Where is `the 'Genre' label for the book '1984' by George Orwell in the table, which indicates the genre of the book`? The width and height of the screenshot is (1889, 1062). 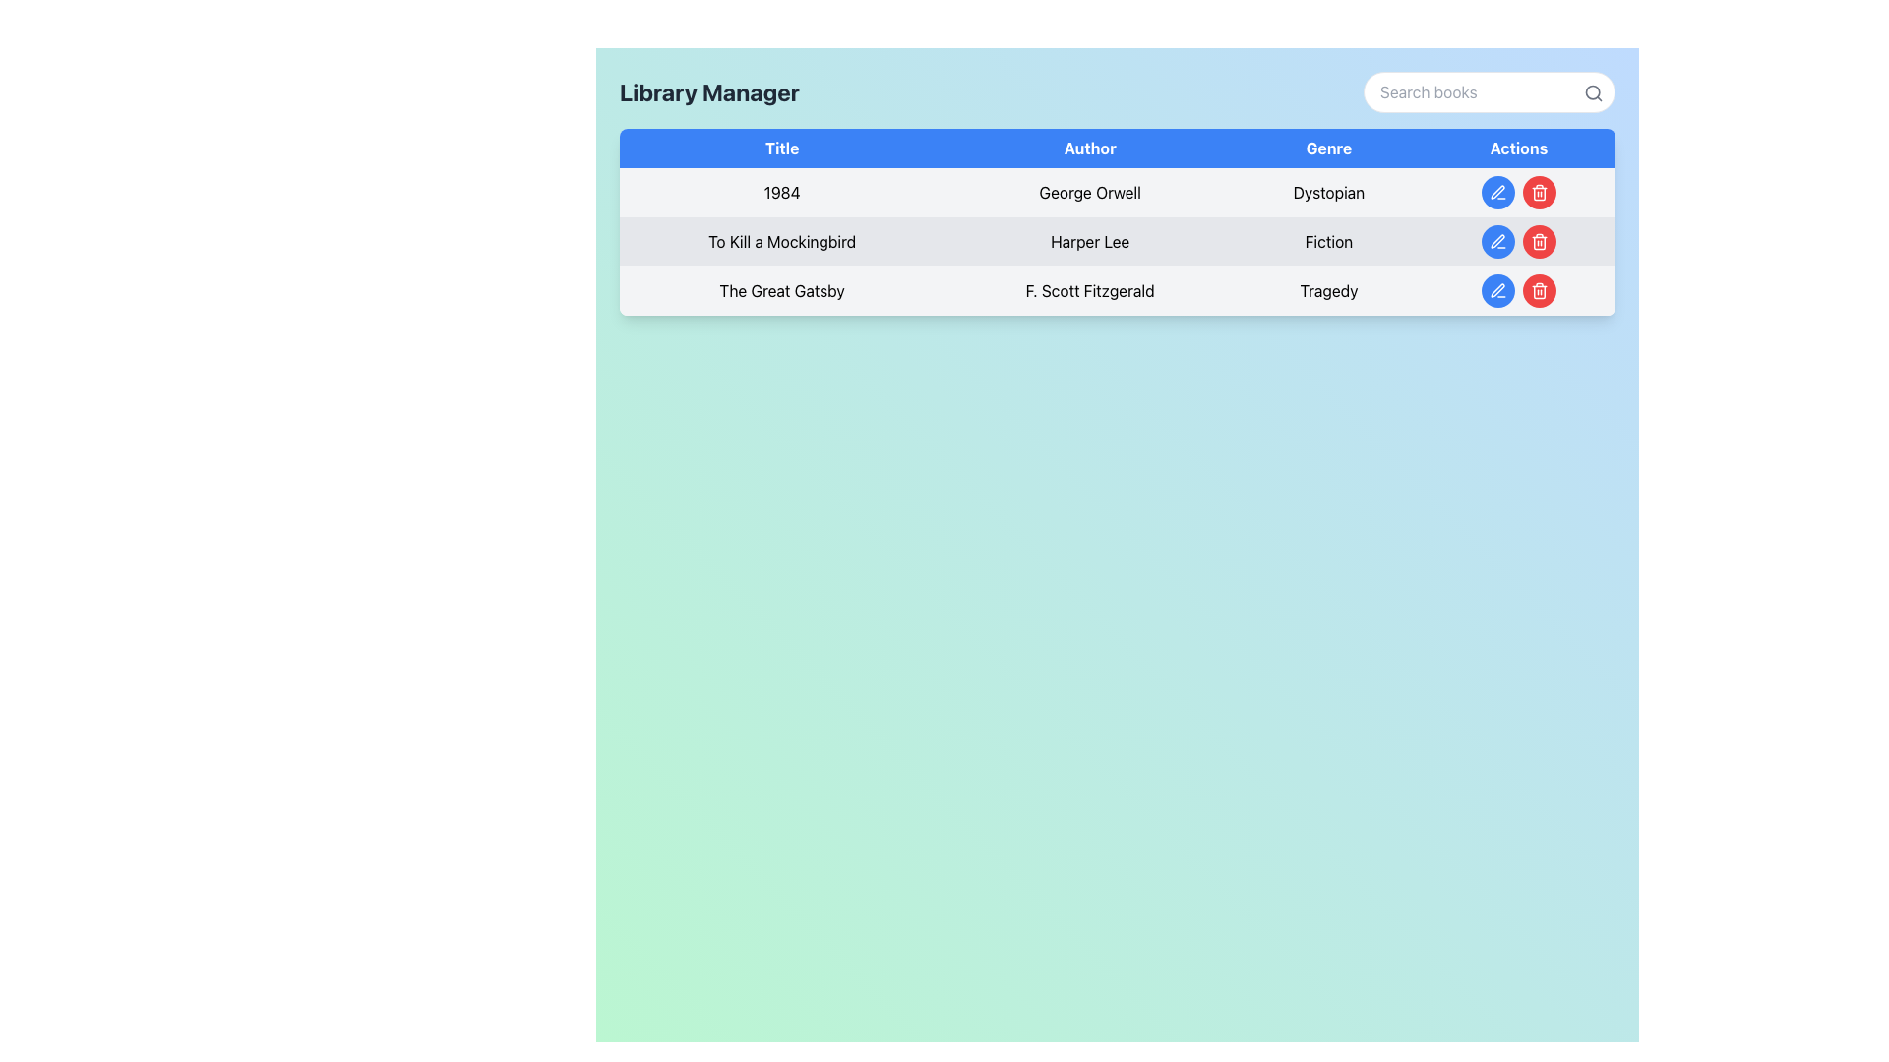
the 'Genre' label for the book '1984' by George Orwell in the table, which indicates the genre of the book is located at coordinates (1328, 193).